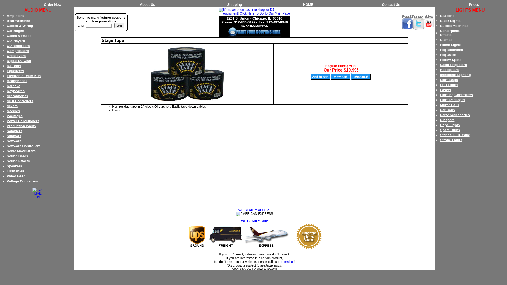  Describe the element at coordinates (440, 94) in the screenshot. I see `'Lighting Controllers'` at that location.